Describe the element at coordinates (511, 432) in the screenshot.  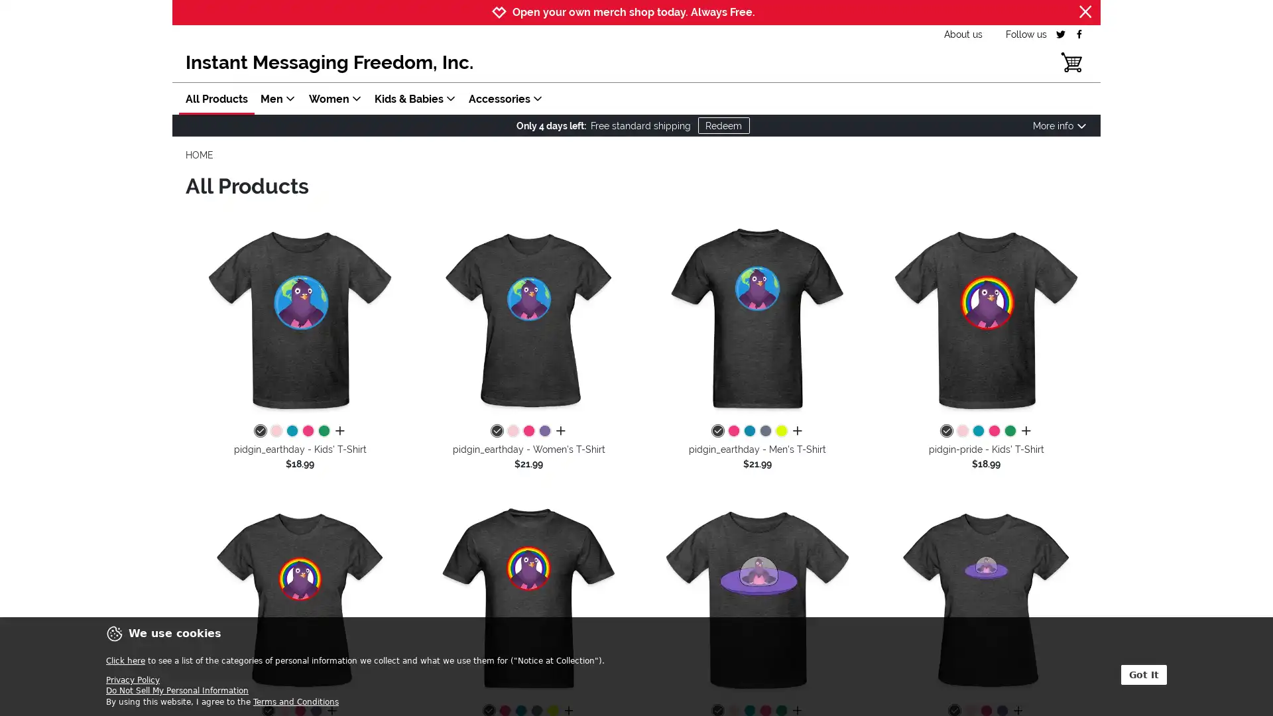
I see `pink` at that location.